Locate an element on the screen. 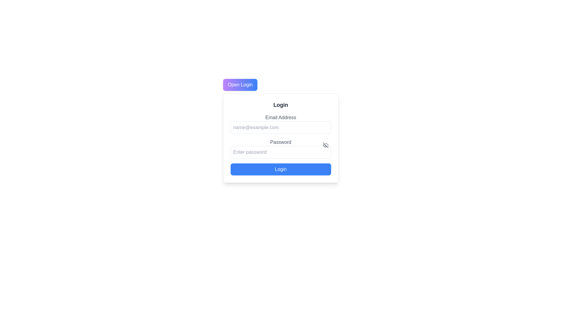 The height and width of the screenshot is (325, 578). the 'Password' label, which is displayed in gray font against a white background, located beneath the 'Email Address' label and above the password input field is located at coordinates (280, 142).